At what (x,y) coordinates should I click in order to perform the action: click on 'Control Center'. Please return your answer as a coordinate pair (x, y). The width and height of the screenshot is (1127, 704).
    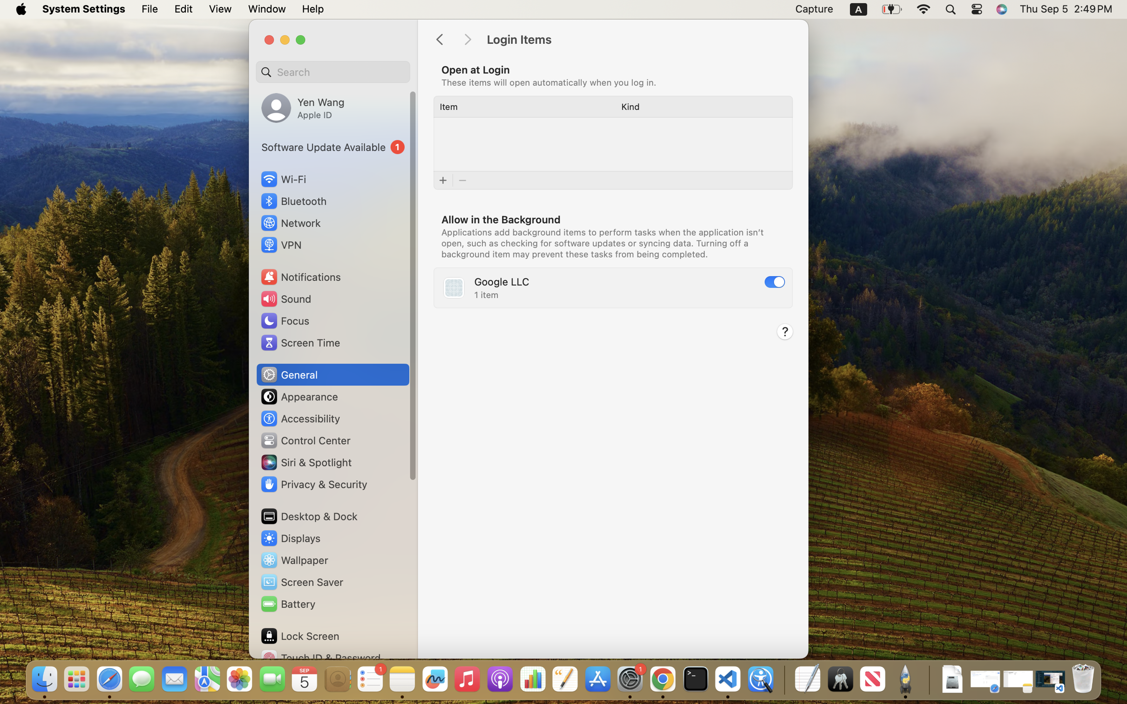
    Looking at the image, I should click on (305, 440).